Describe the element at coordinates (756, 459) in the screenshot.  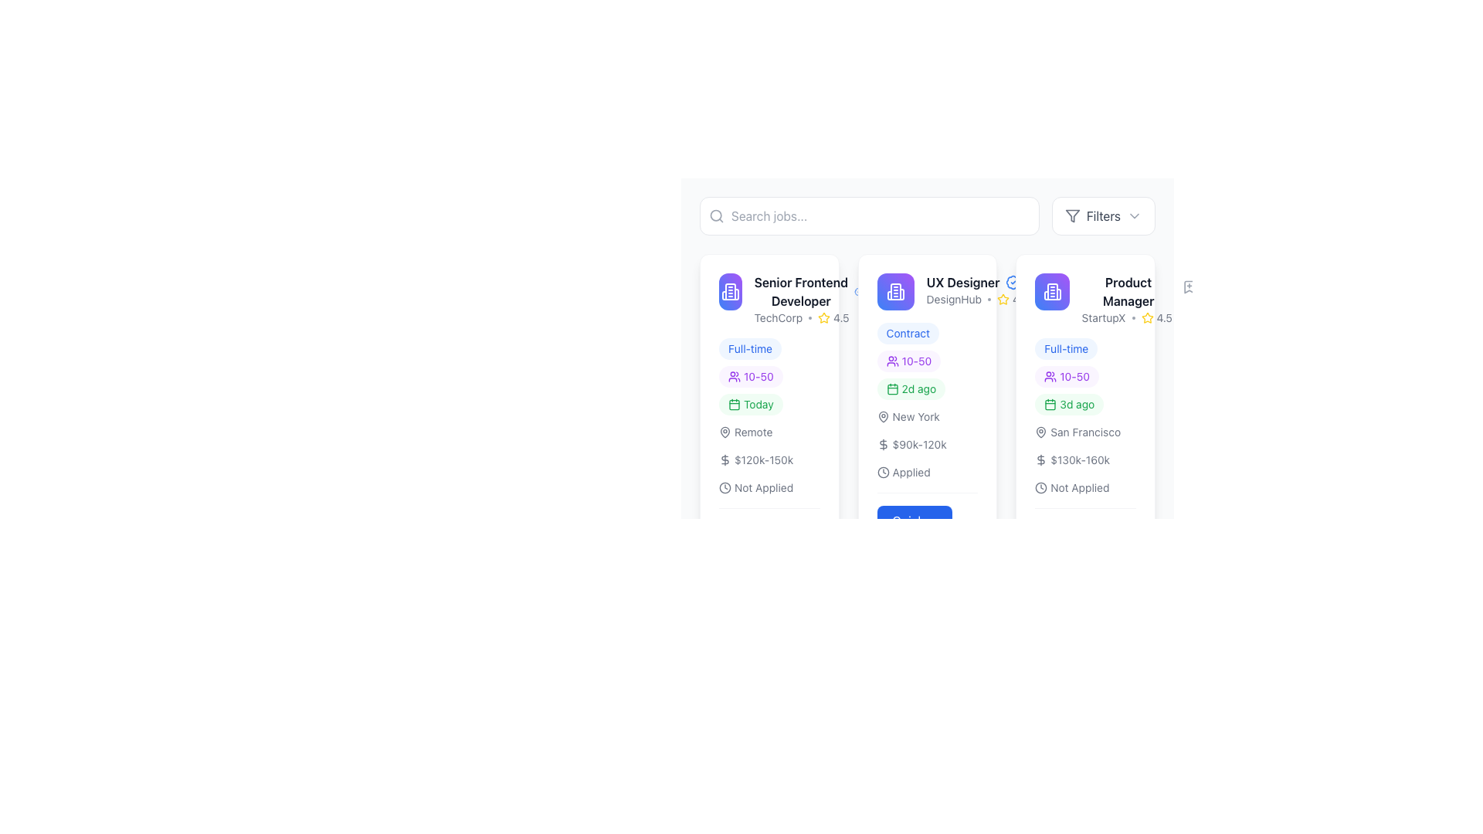
I see `the static text element indicating the salary range for the job listing, positioned below the 'Remote' text and above the 'Not Applied' text within the first job card` at that location.